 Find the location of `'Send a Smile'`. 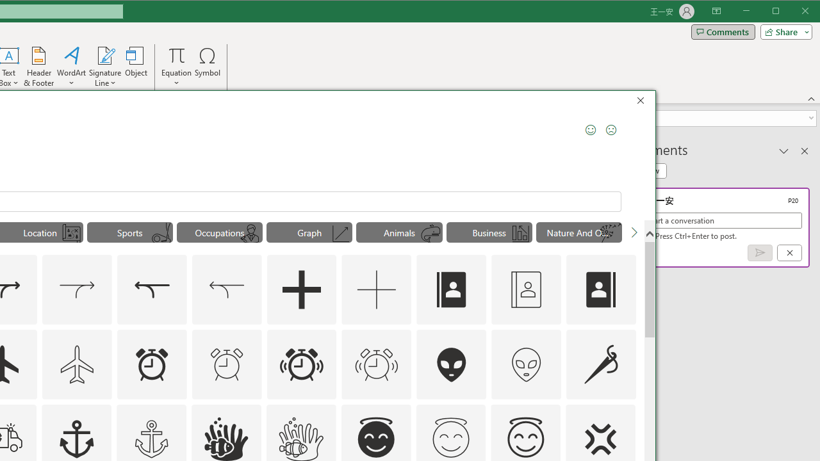

'Send a Smile' is located at coordinates (590, 130).